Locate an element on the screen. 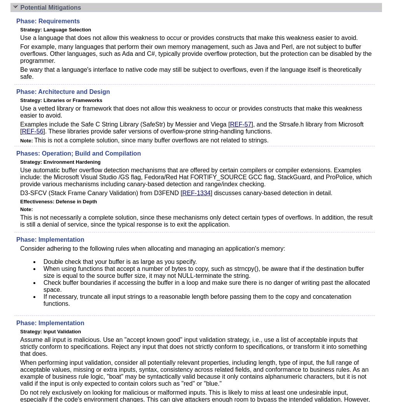 Image resolution: width=396 pixels, height=402 pixels. 'Consider adhering to the following rules when allocating and managing an application's memory:' is located at coordinates (20, 248).